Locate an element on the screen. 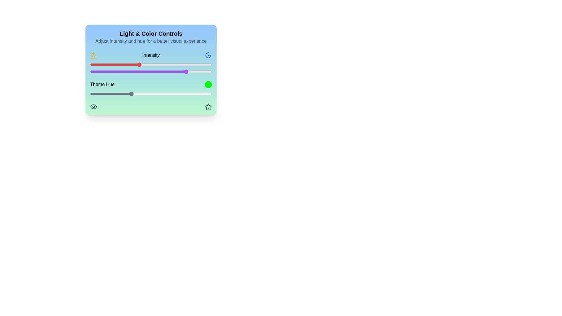 The height and width of the screenshot is (316, 562). the theme hue is located at coordinates (136, 93).